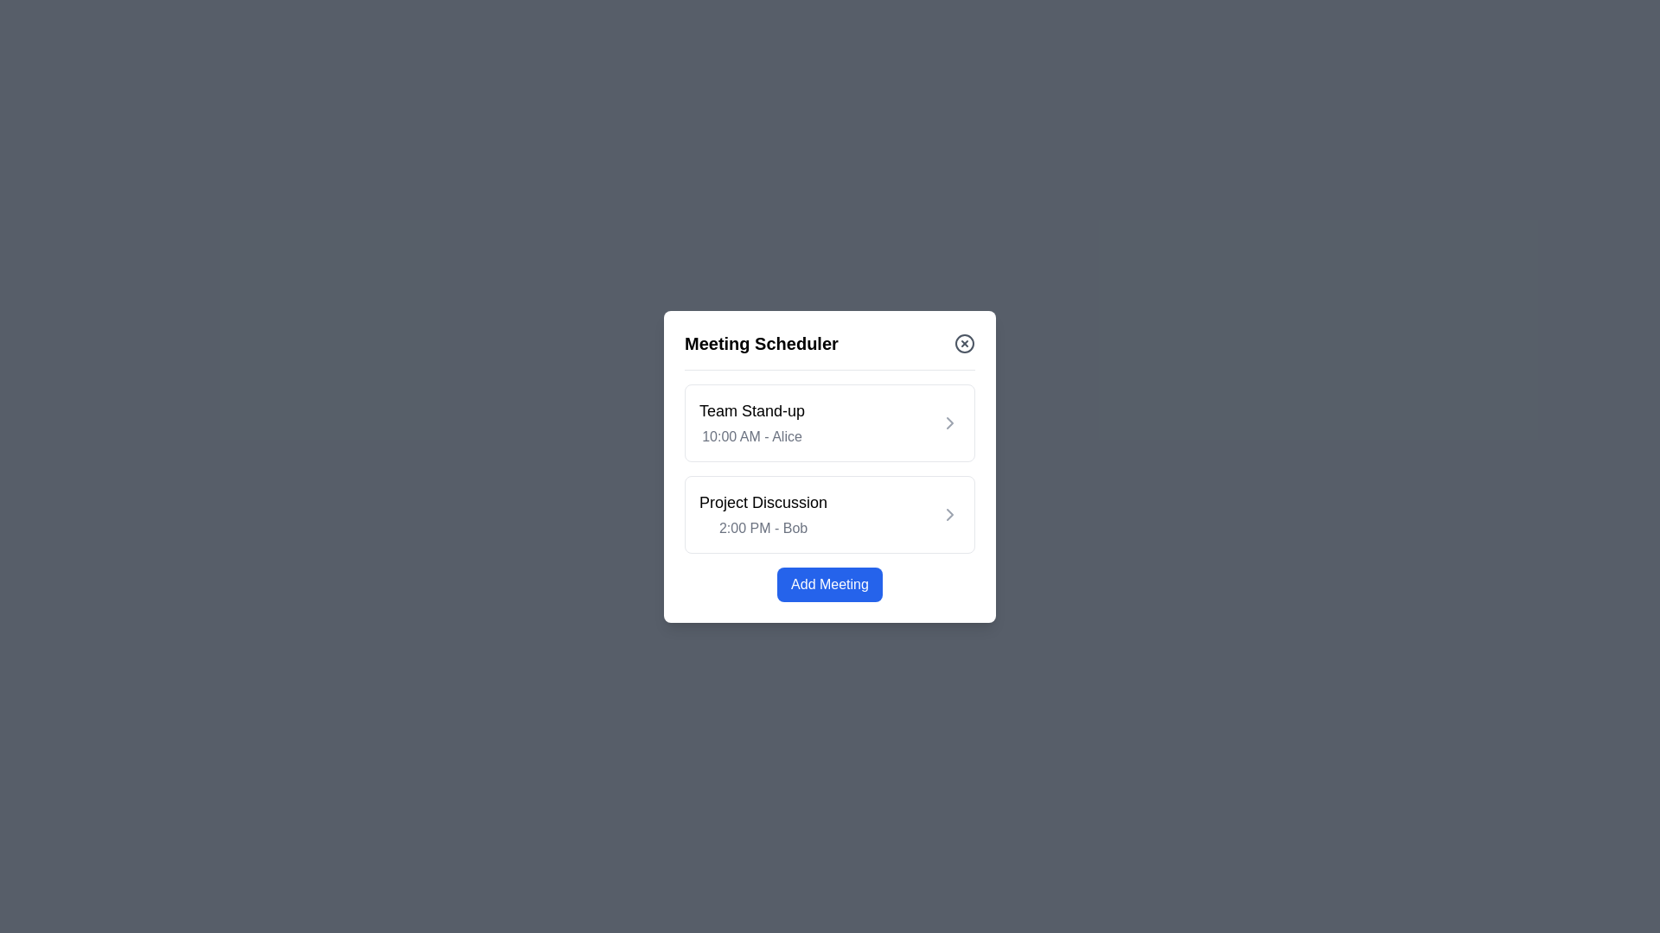 This screenshot has width=1660, height=933. Describe the element at coordinates (949, 422) in the screenshot. I see `the chevron icon located at the far right of the 'Team Stand-up' list item` at that location.